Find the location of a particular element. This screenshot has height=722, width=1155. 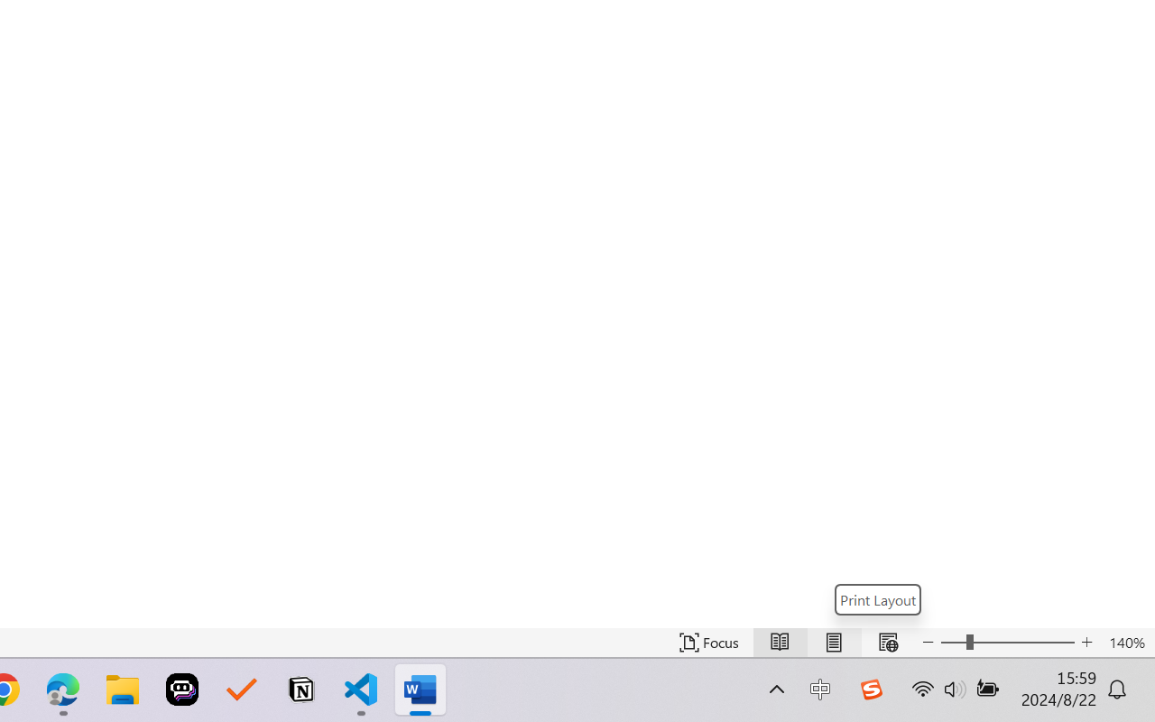

'Zoom Out' is located at coordinates (952, 642).